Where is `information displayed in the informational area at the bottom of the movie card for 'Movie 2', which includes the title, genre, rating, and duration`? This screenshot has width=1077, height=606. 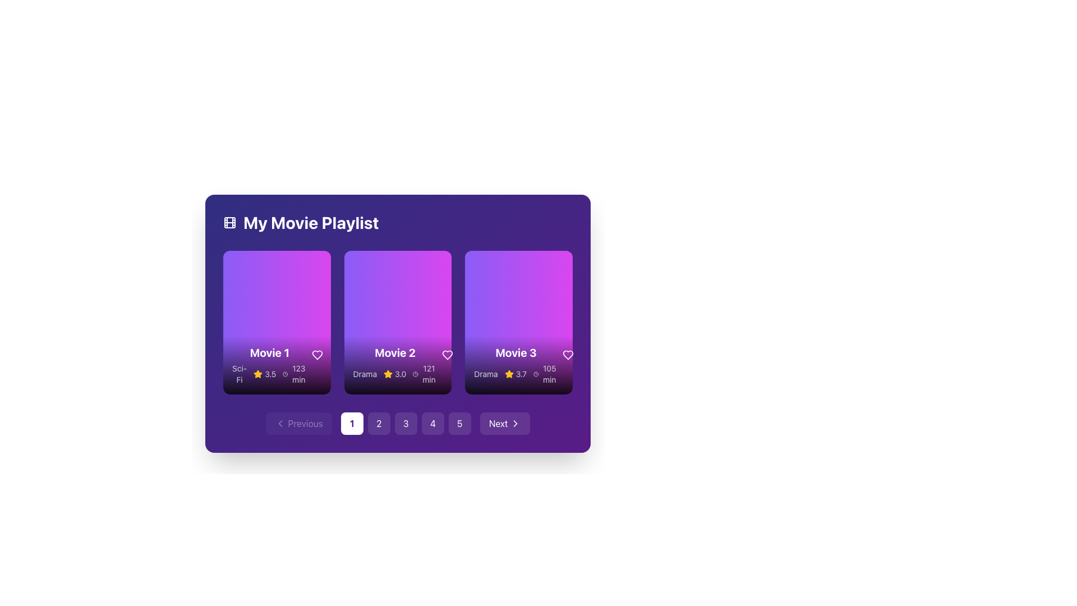 information displayed in the informational area at the bottom of the movie card for 'Movie 2', which includes the title, genre, rating, and duration is located at coordinates (398, 365).